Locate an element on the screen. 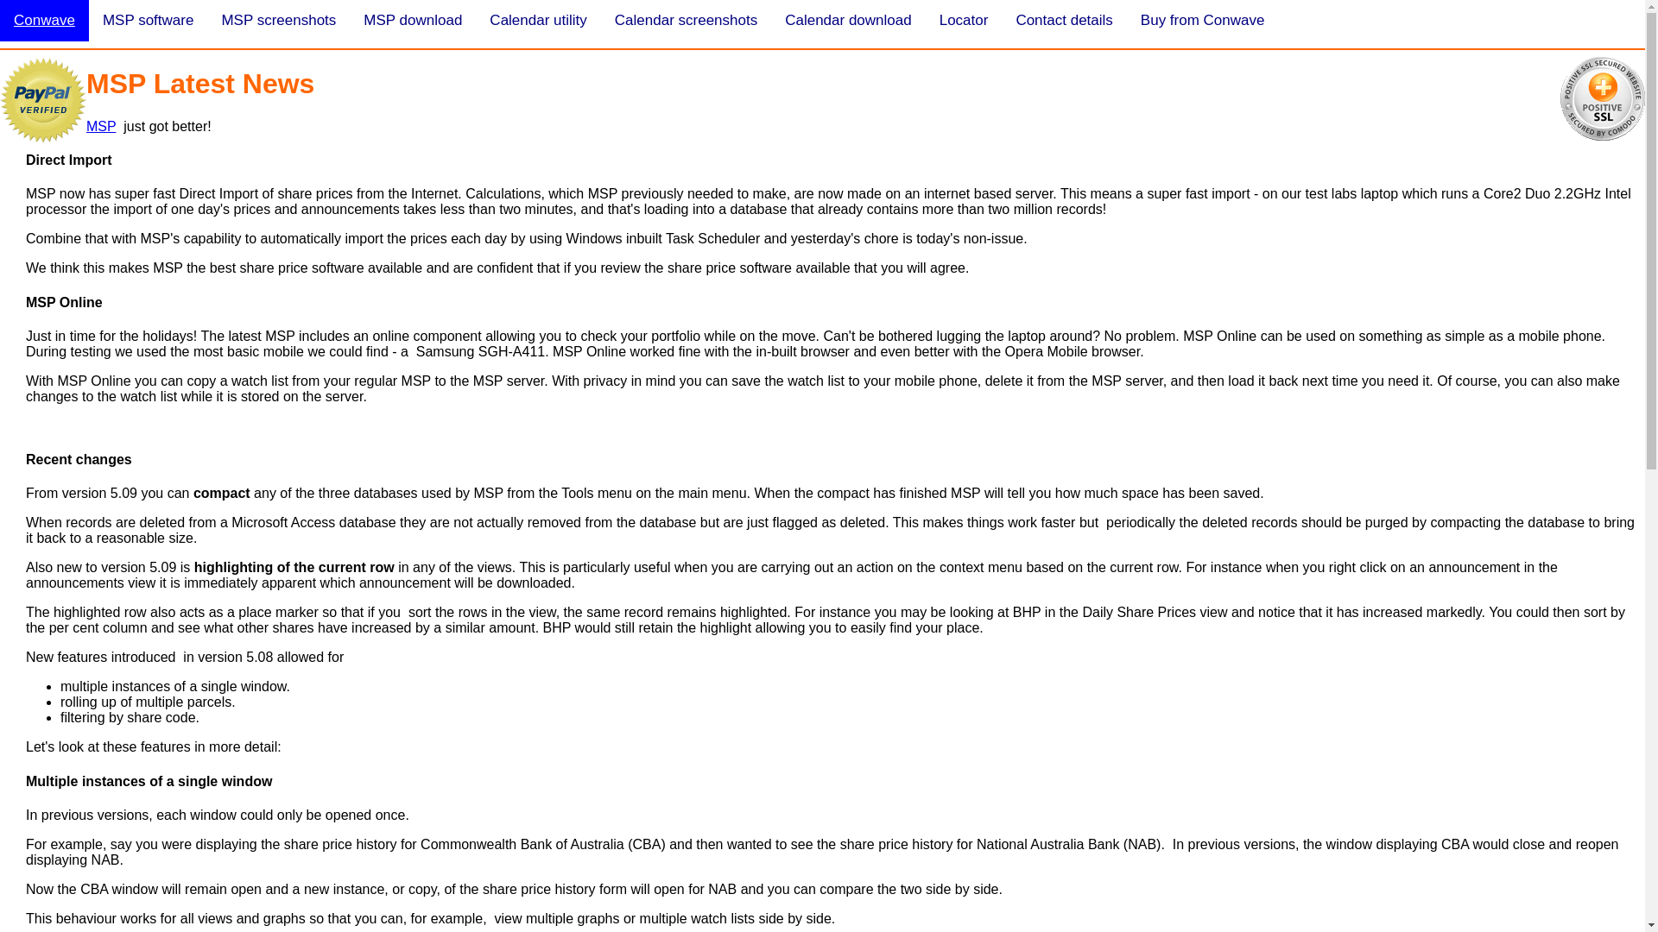 This screenshot has width=1658, height=932. 'MSP software' is located at coordinates (149, 20).